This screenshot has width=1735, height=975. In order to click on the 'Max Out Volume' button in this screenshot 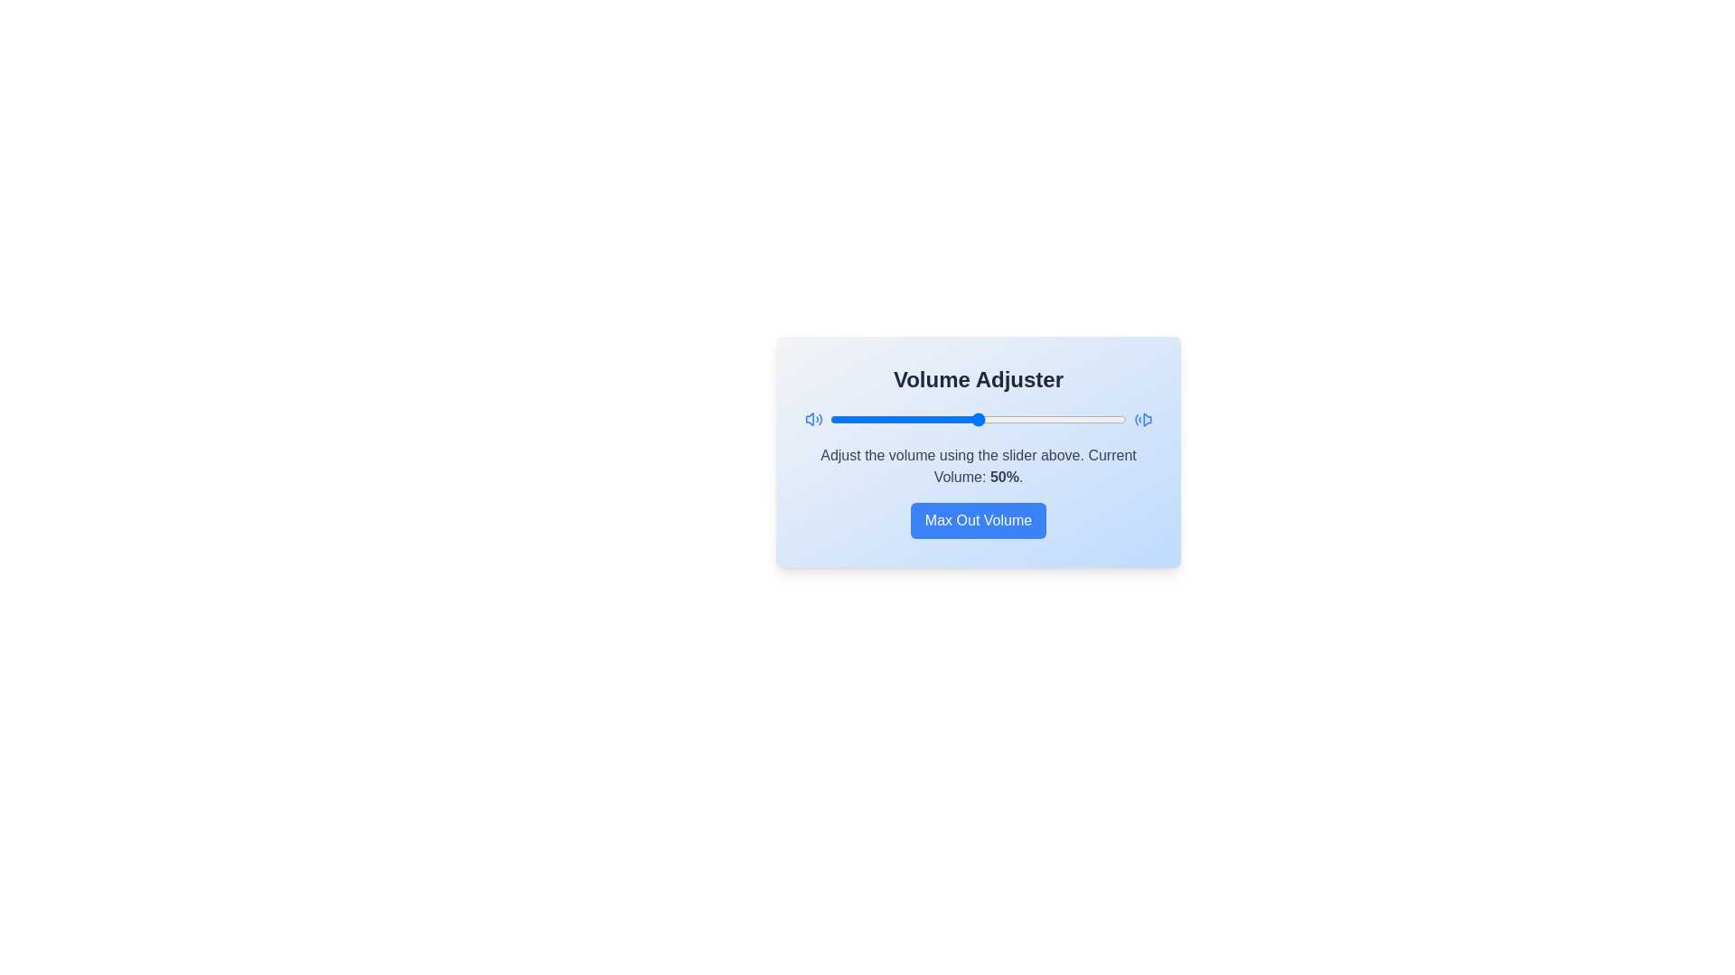, I will do `click(978, 521)`.